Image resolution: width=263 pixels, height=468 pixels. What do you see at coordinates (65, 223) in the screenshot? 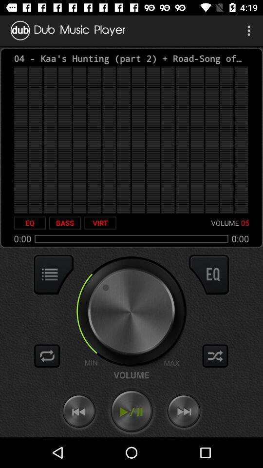
I see `the icon next to   eq   item` at bounding box center [65, 223].